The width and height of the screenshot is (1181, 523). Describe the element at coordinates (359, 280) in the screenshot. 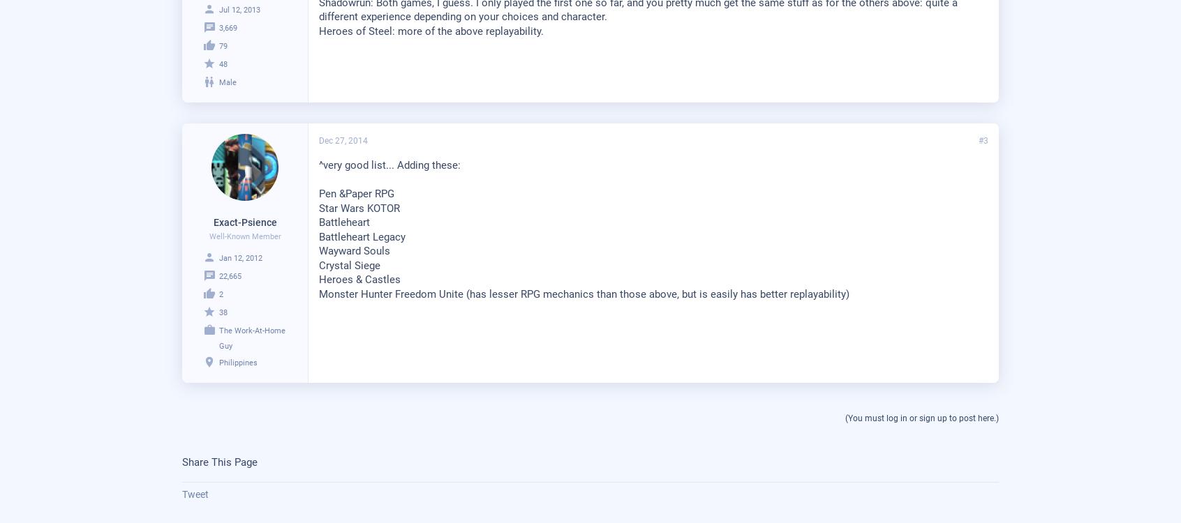

I see `'Heroes & Castles'` at that location.